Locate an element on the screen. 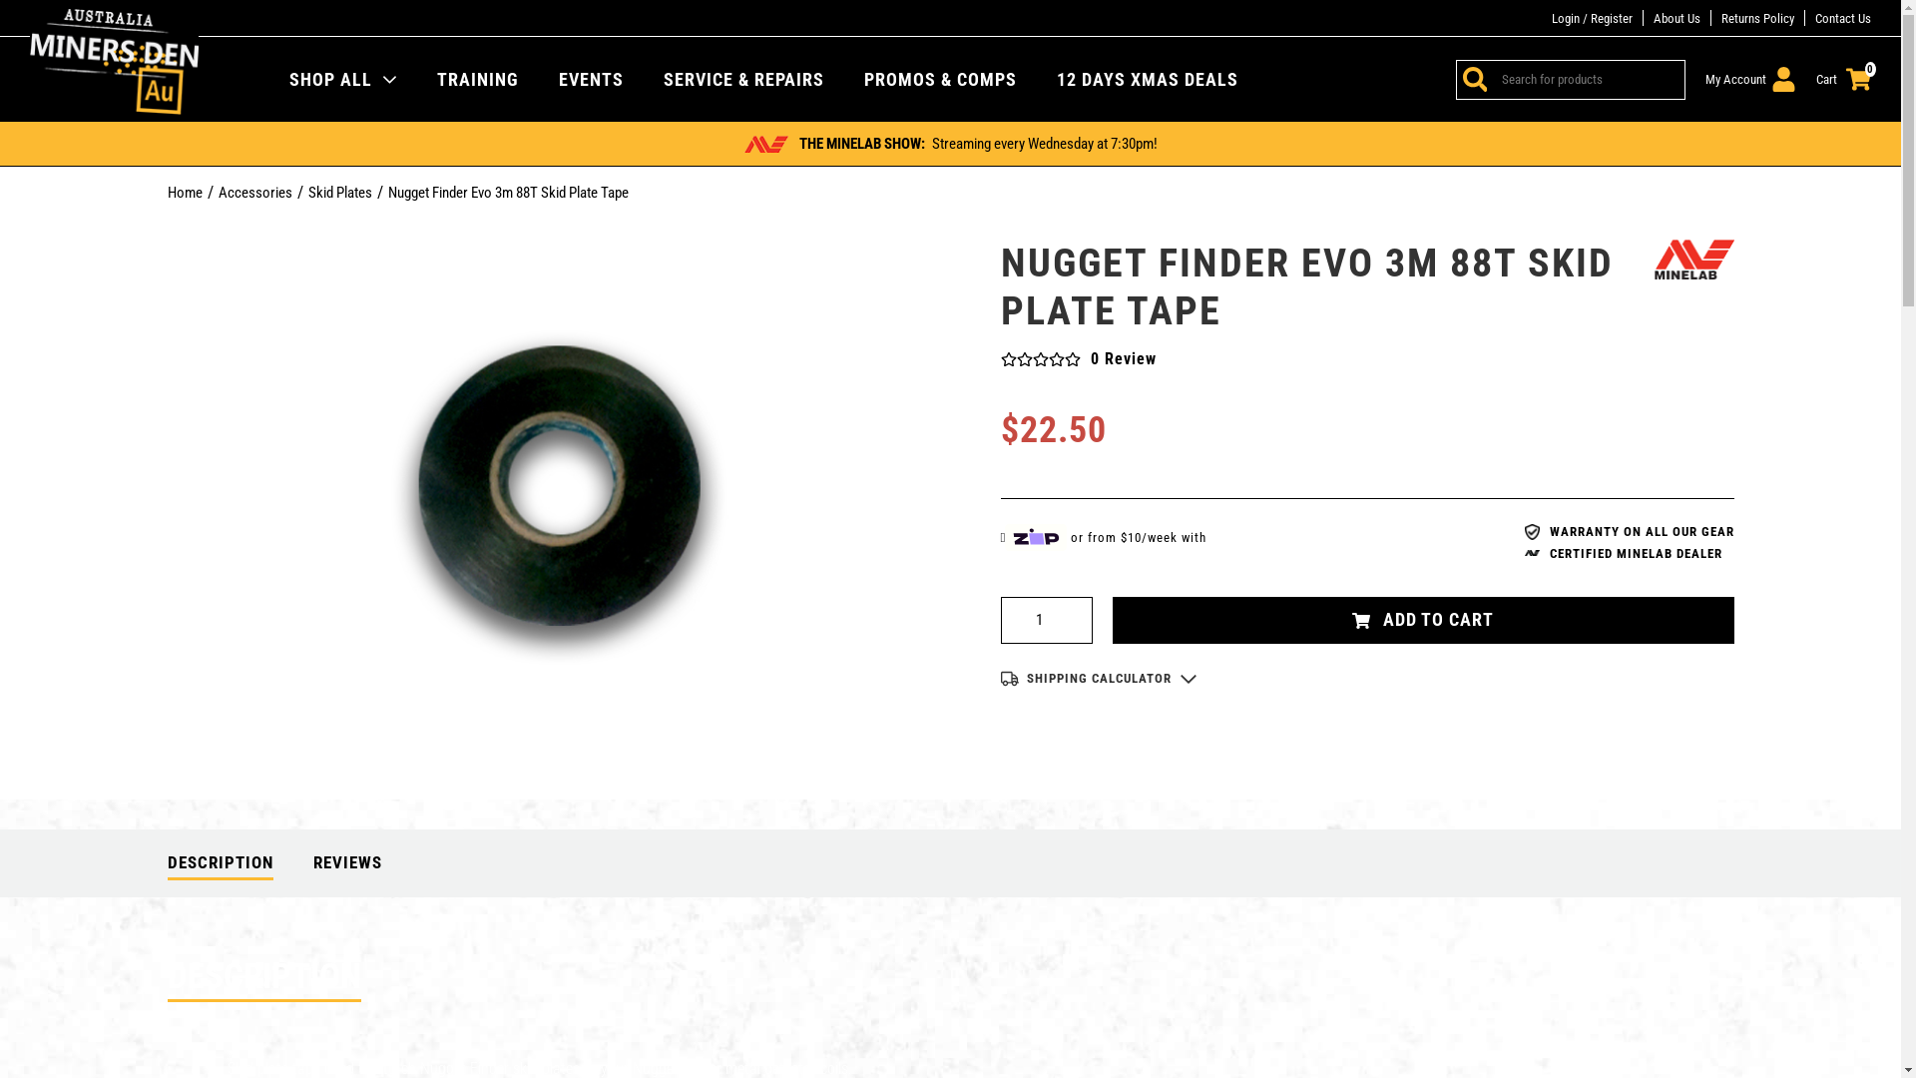  'SERVICE & REPAIRS' is located at coordinates (742, 77).